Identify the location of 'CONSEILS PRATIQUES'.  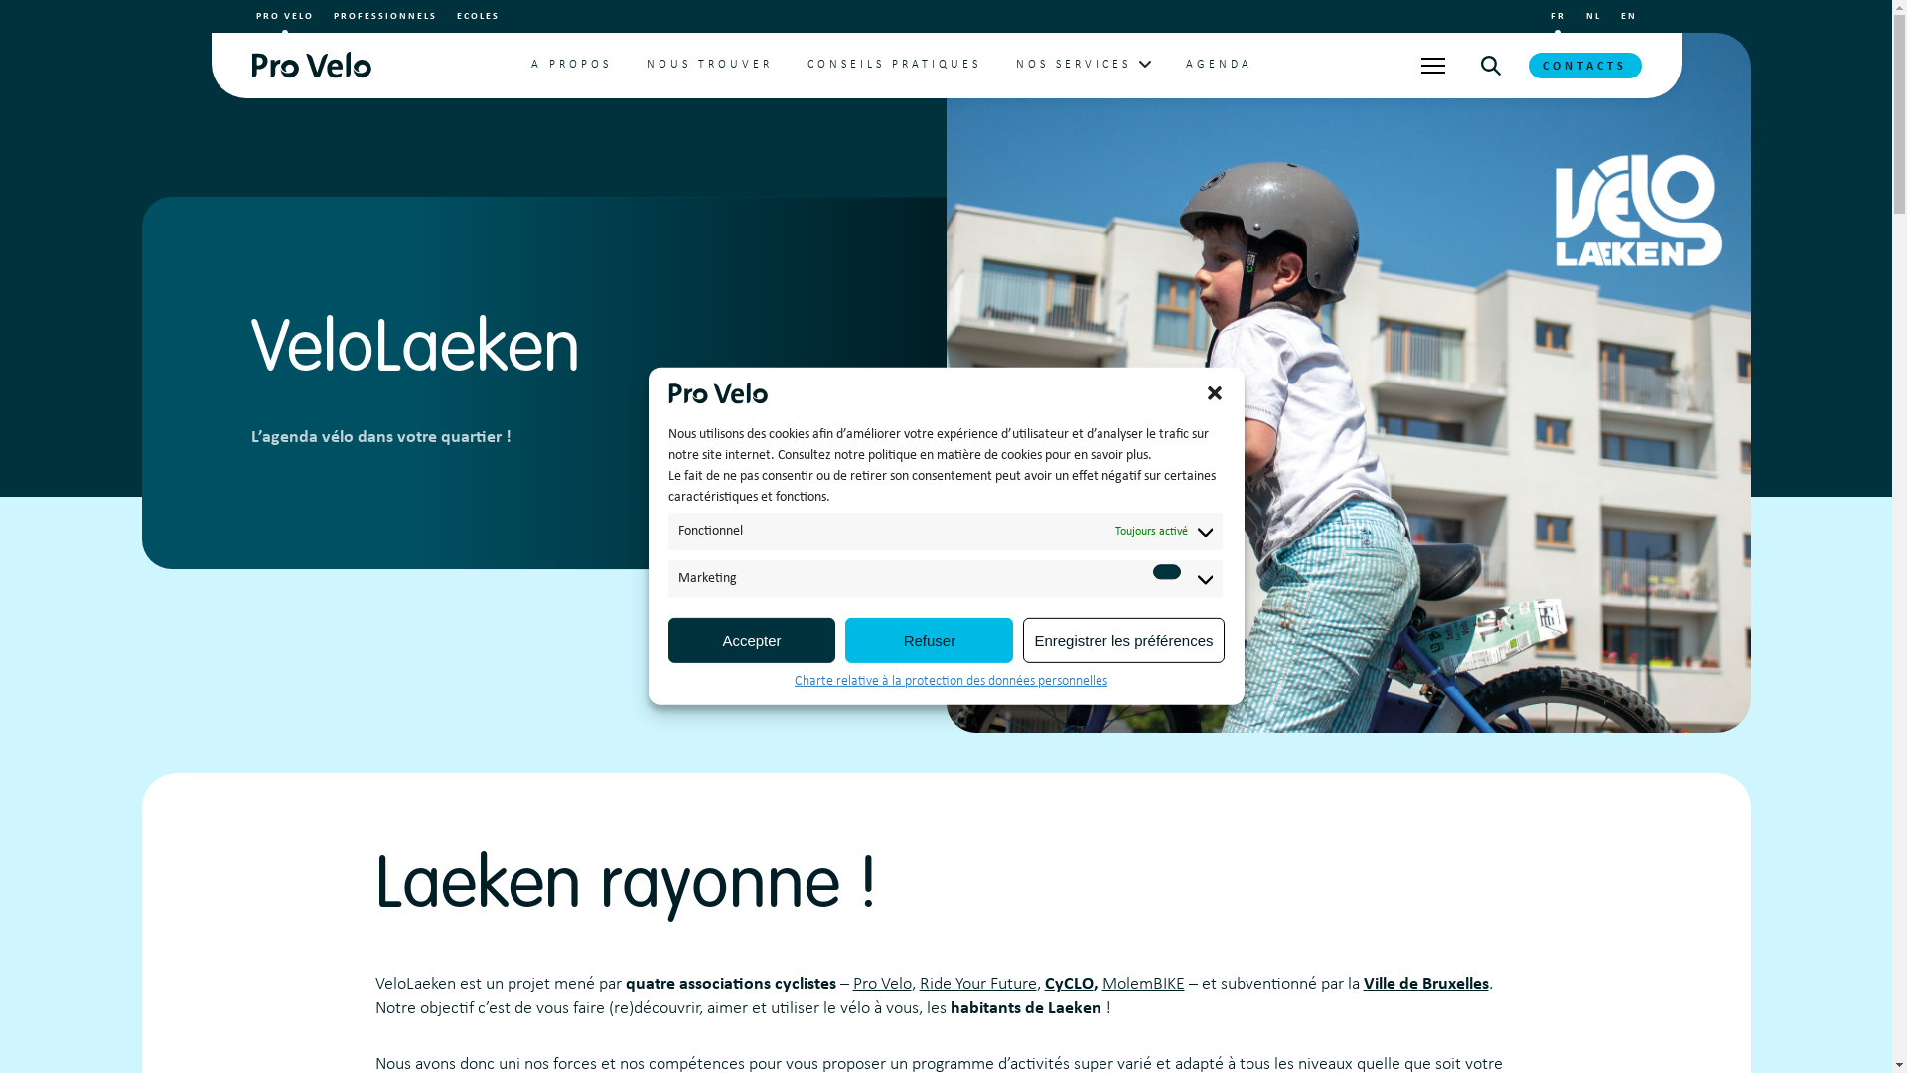
(893, 64).